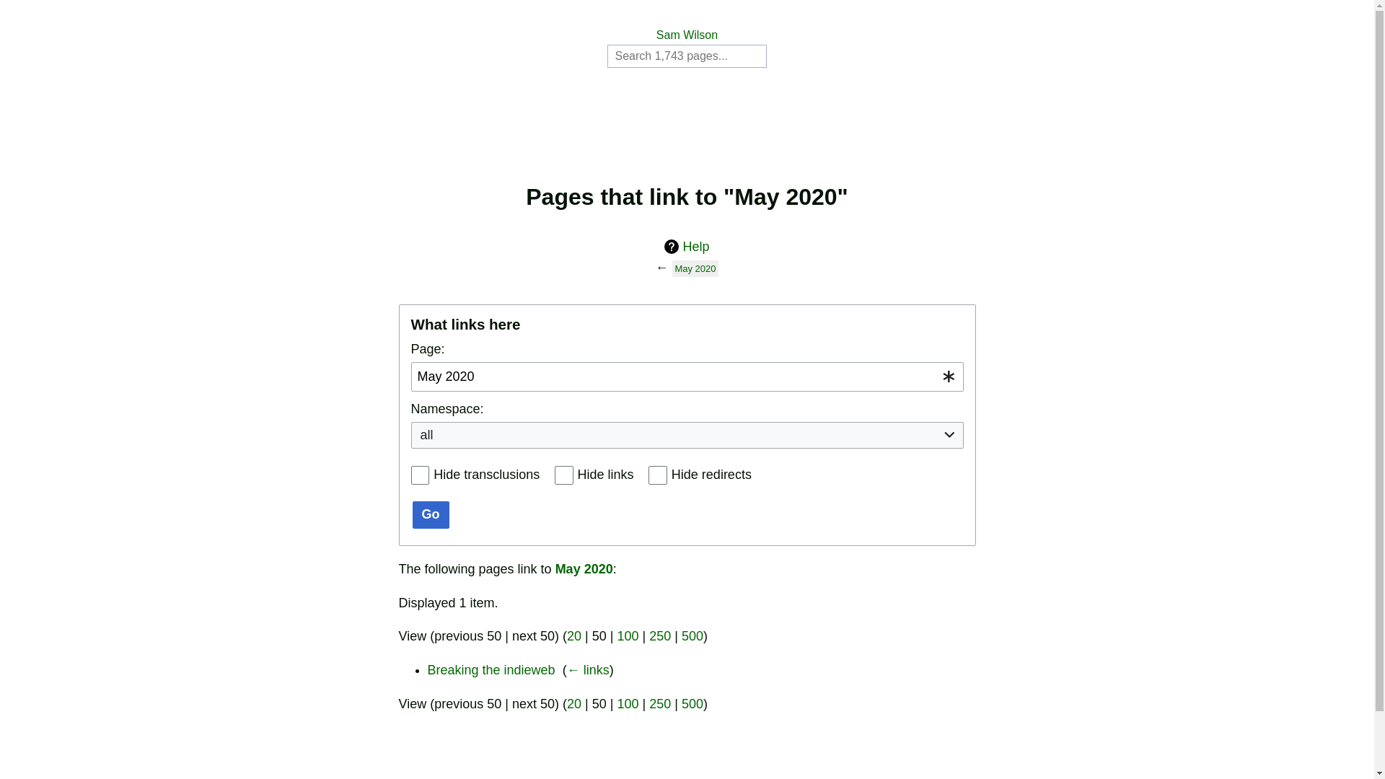 The image size is (1385, 779). I want to click on 'Breaking the indieweb', so click(491, 670).